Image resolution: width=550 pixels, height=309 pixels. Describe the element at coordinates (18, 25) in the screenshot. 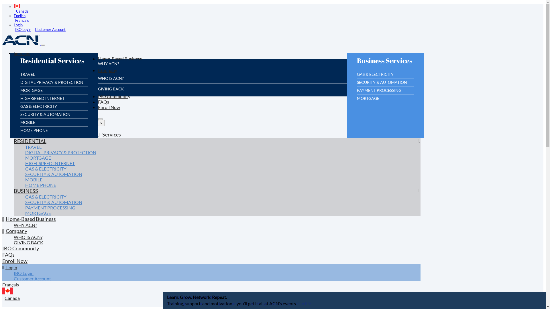

I see `'Login'` at that location.